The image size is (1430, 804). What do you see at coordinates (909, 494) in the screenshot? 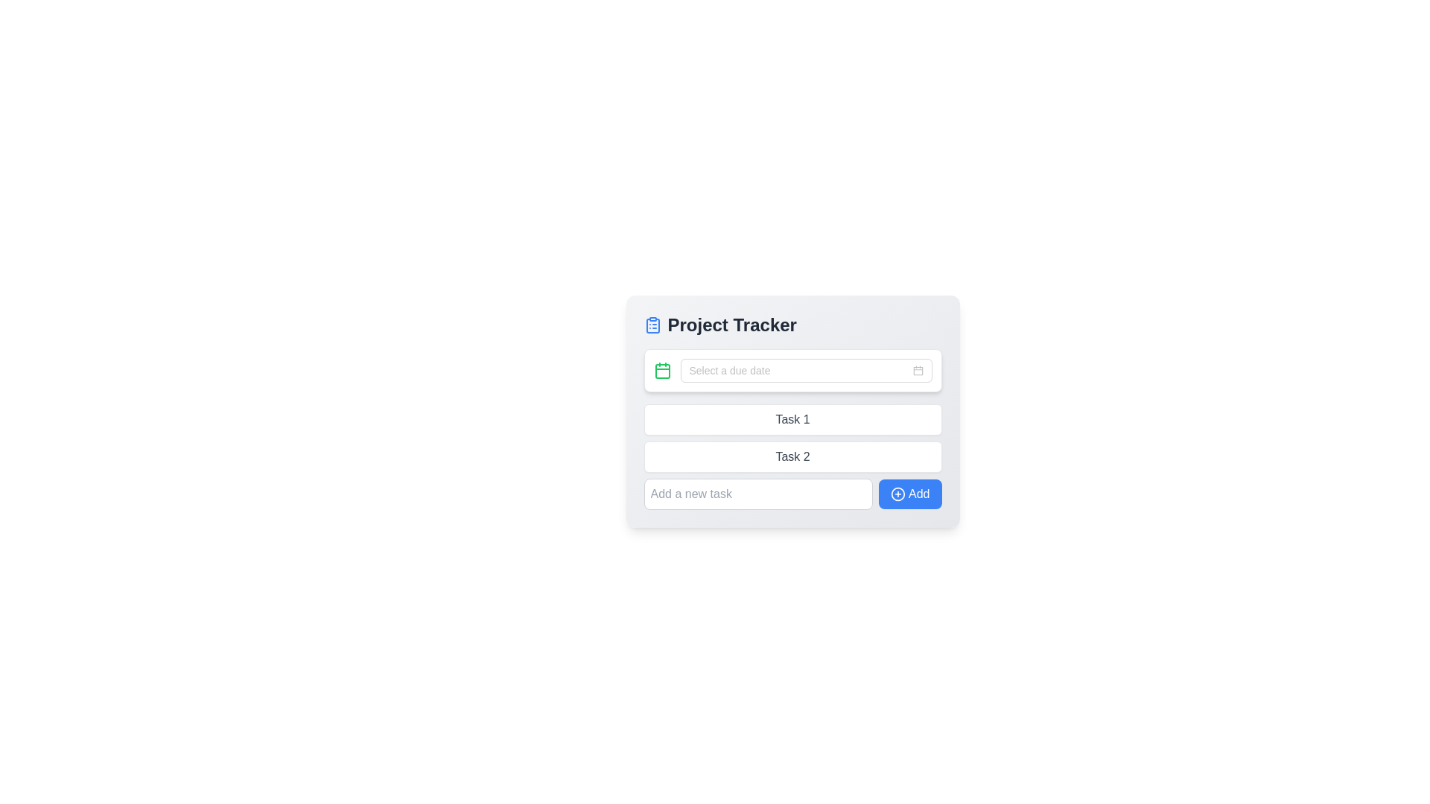
I see `the button used to add a new task` at bounding box center [909, 494].